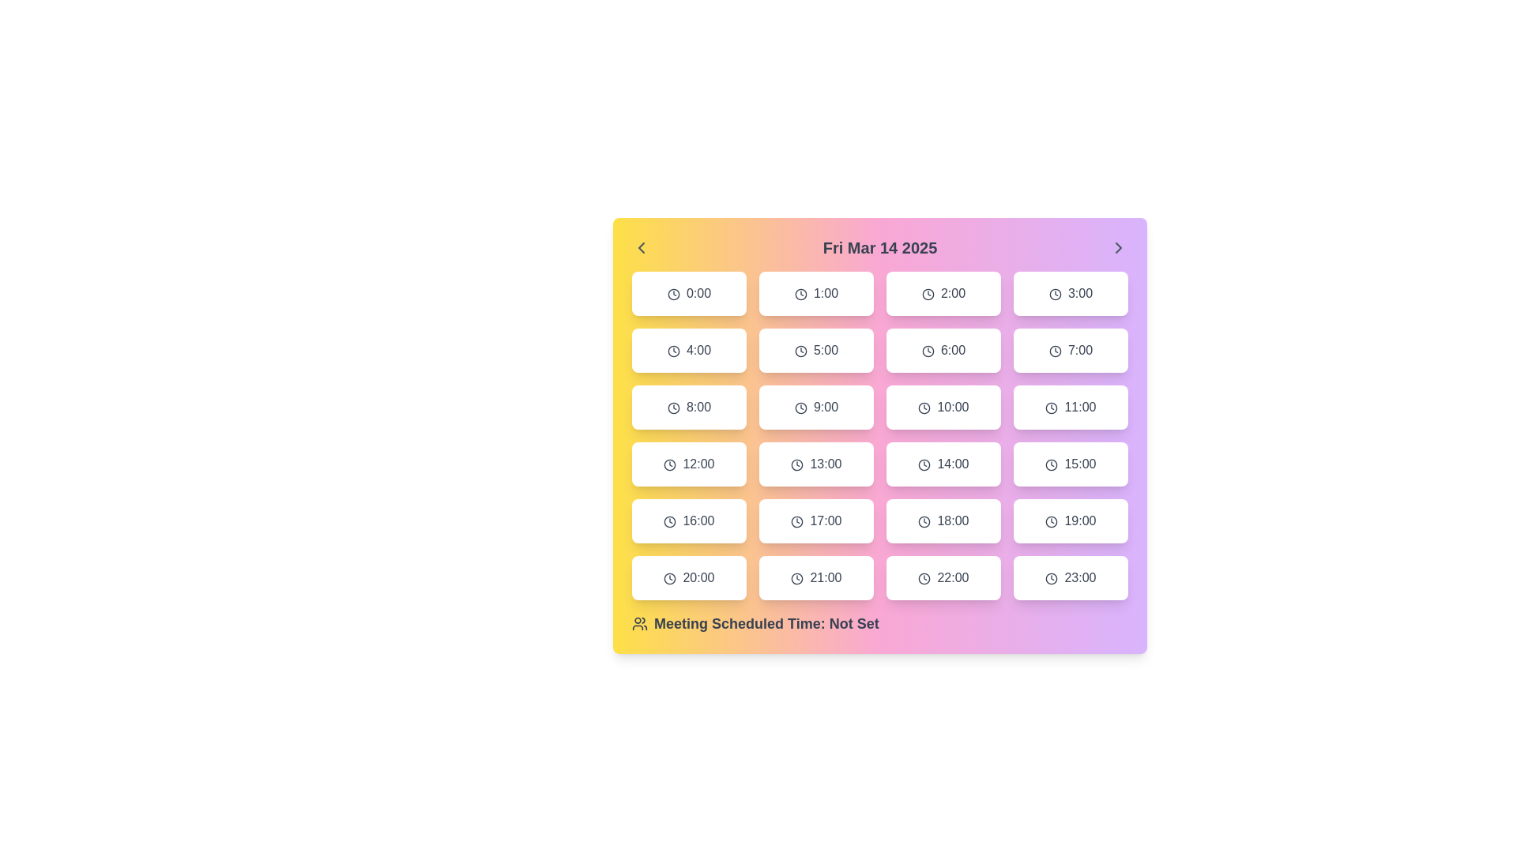 Image resolution: width=1517 pixels, height=853 pixels. I want to click on the SVG Circle element inside the clock icon located in the grid button labeled '15:00' in the fourth row and fourth column, so click(1052, 464).